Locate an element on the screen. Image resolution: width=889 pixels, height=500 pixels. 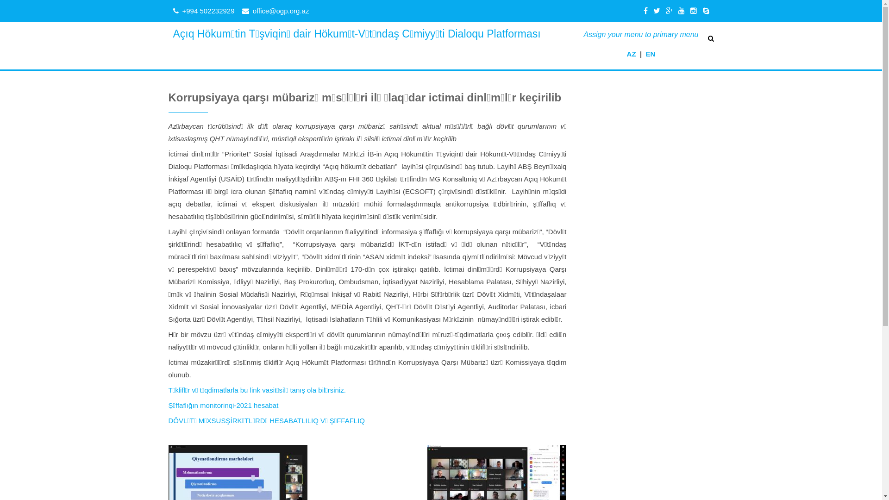
'EN' is located at coordinates (650, 54).